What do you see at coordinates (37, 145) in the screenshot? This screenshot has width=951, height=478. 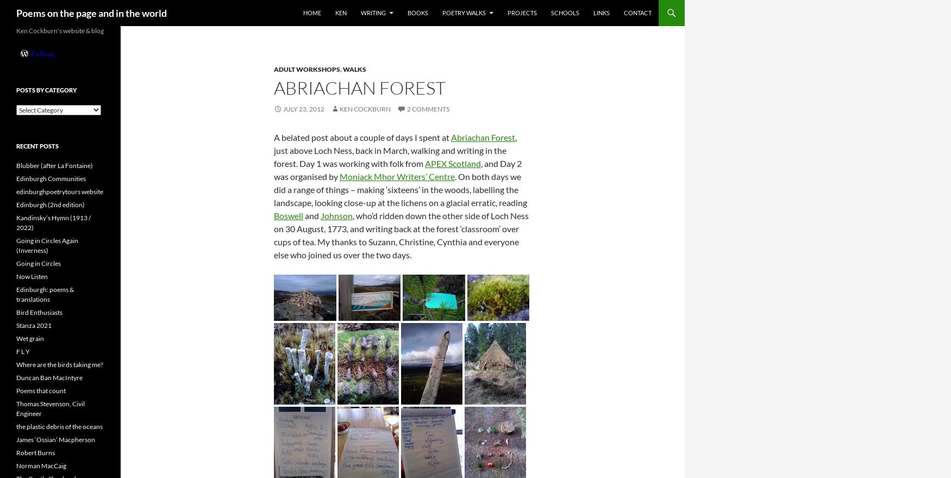 I see `'Recent Posts'` at bounding box center [37, 145].